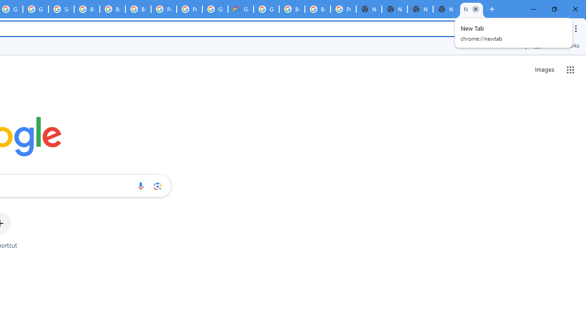  What do you see at coordinates (292, 9) in the screenshot?
I see `'Browse Chrome as a guest - Computer - Google Chrome Help'` at bounding box center [292, 9].